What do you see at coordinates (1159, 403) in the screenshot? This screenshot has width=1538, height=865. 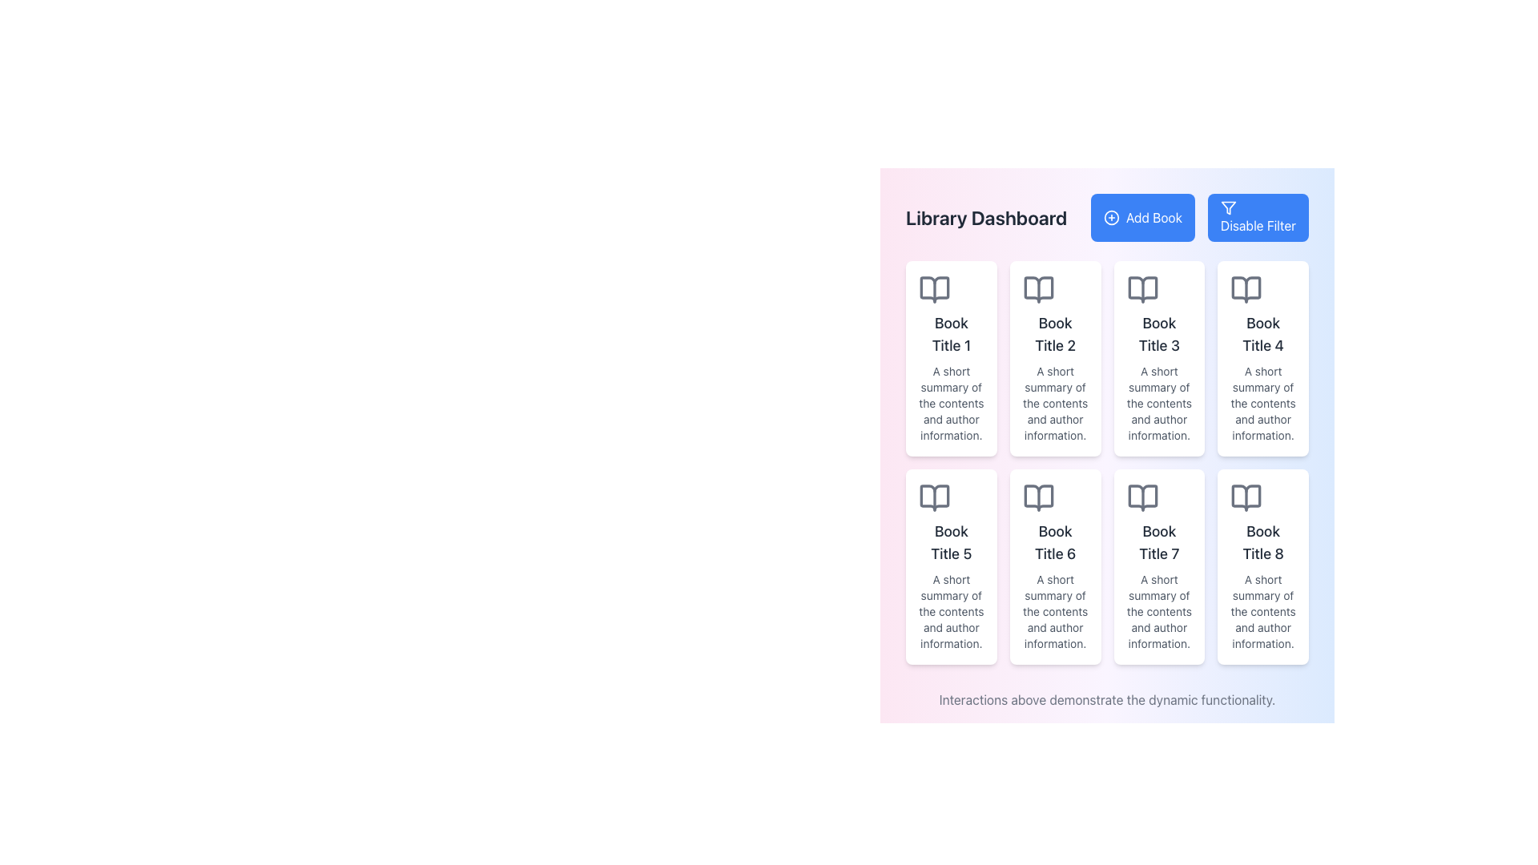 I see `the static text element that provides a brief summary of the associated book entry located in the third card from the left in the top row of a grid layout, directly under the text 'Book Title 3'` at bounding box center [1159, 403].